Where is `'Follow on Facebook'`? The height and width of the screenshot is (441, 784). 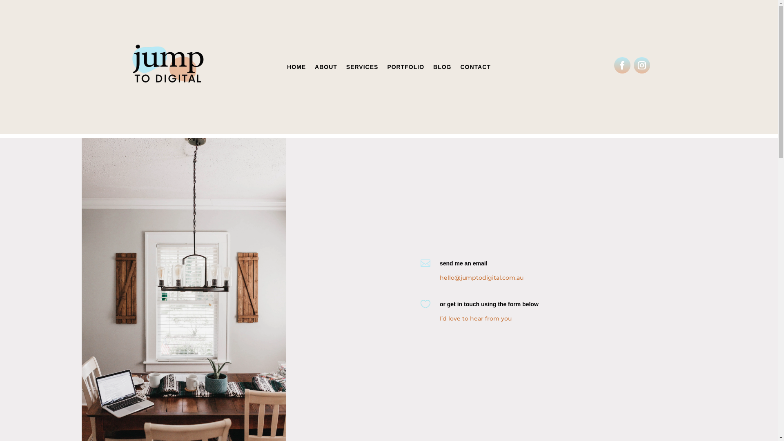
'Follow on Facebook' is located at coordinates (621, 65).